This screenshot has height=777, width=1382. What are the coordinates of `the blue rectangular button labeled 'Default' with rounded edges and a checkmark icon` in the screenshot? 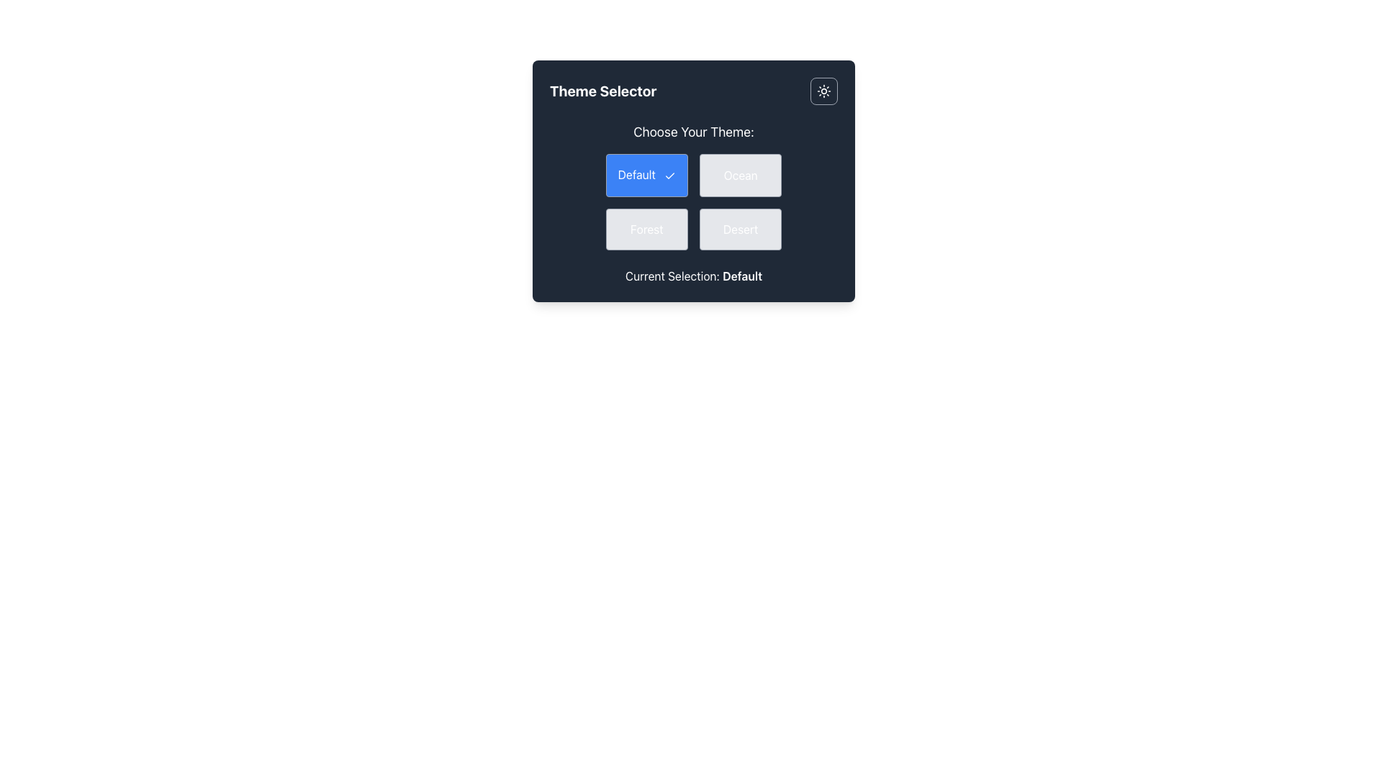 It's located at (646, 174).